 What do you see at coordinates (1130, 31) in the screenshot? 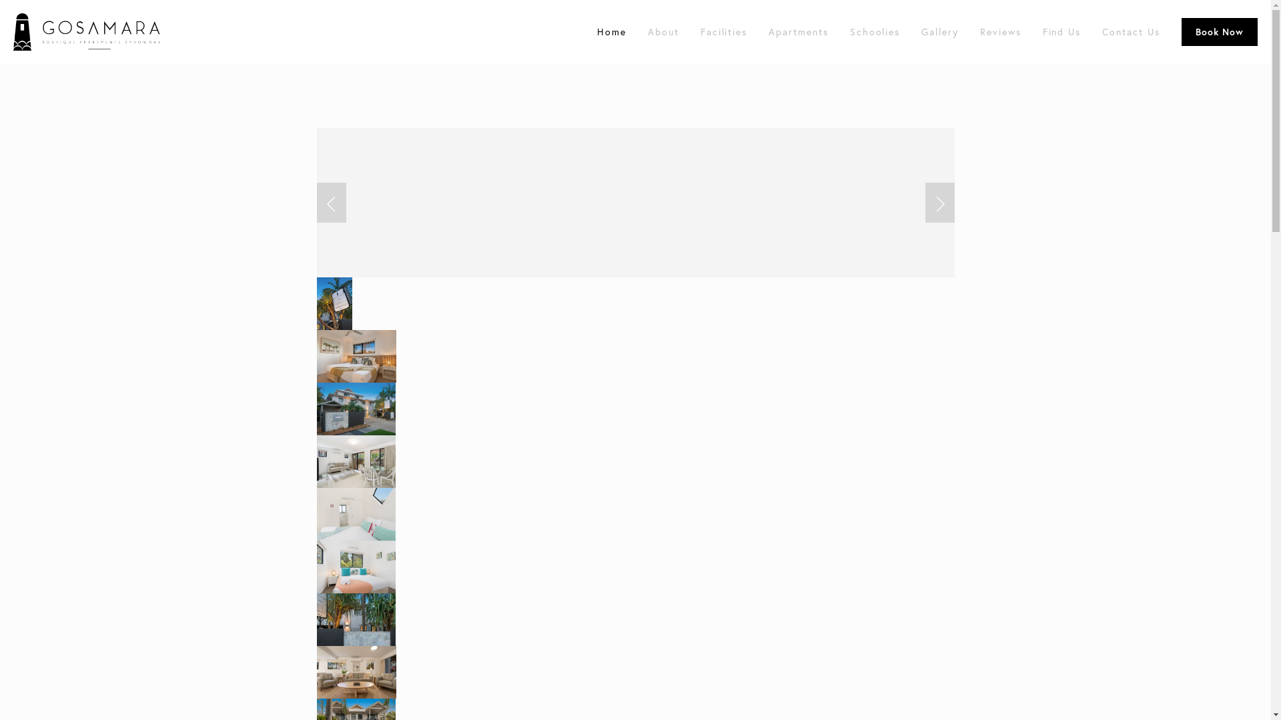
I see `'Contact Us'` at bounding box center [1130, 31].